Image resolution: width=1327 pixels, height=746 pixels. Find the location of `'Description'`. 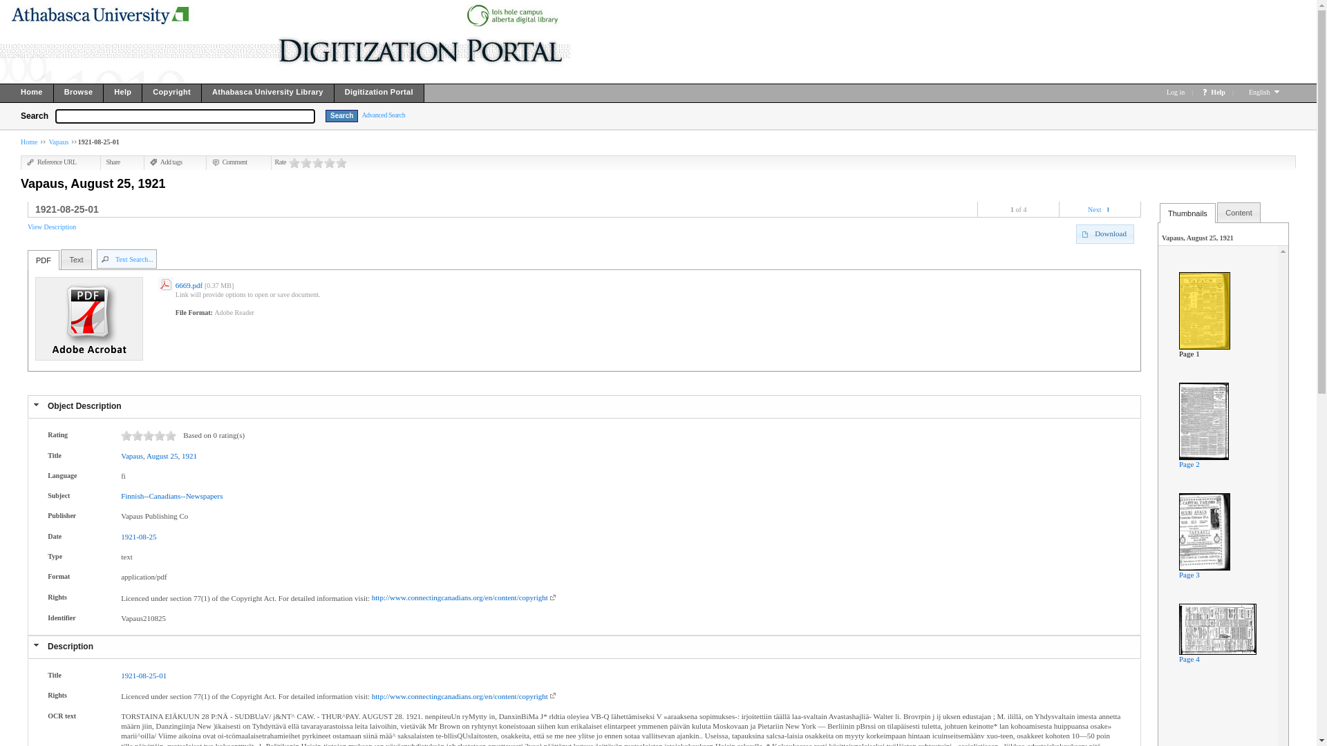

'Description' is located at coordinates (69, 647).